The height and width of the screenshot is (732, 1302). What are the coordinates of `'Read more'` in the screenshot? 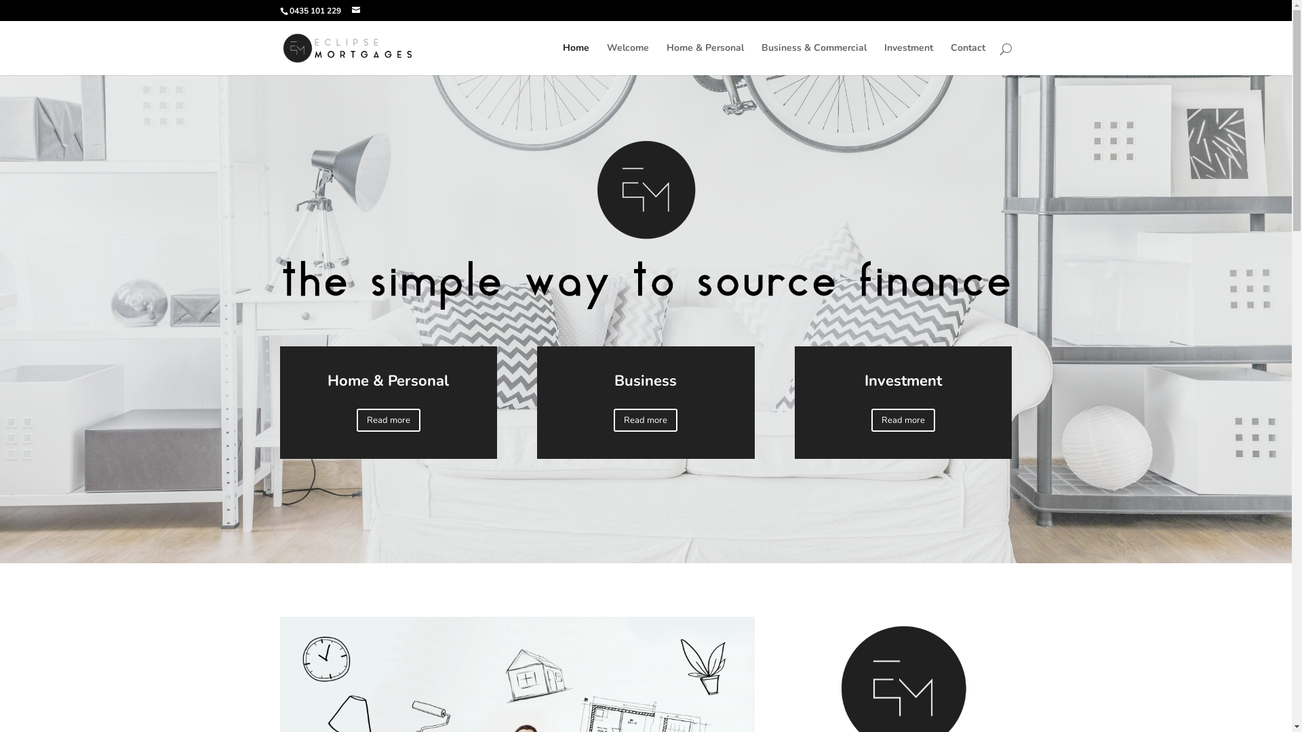 It's located at (387, 420).